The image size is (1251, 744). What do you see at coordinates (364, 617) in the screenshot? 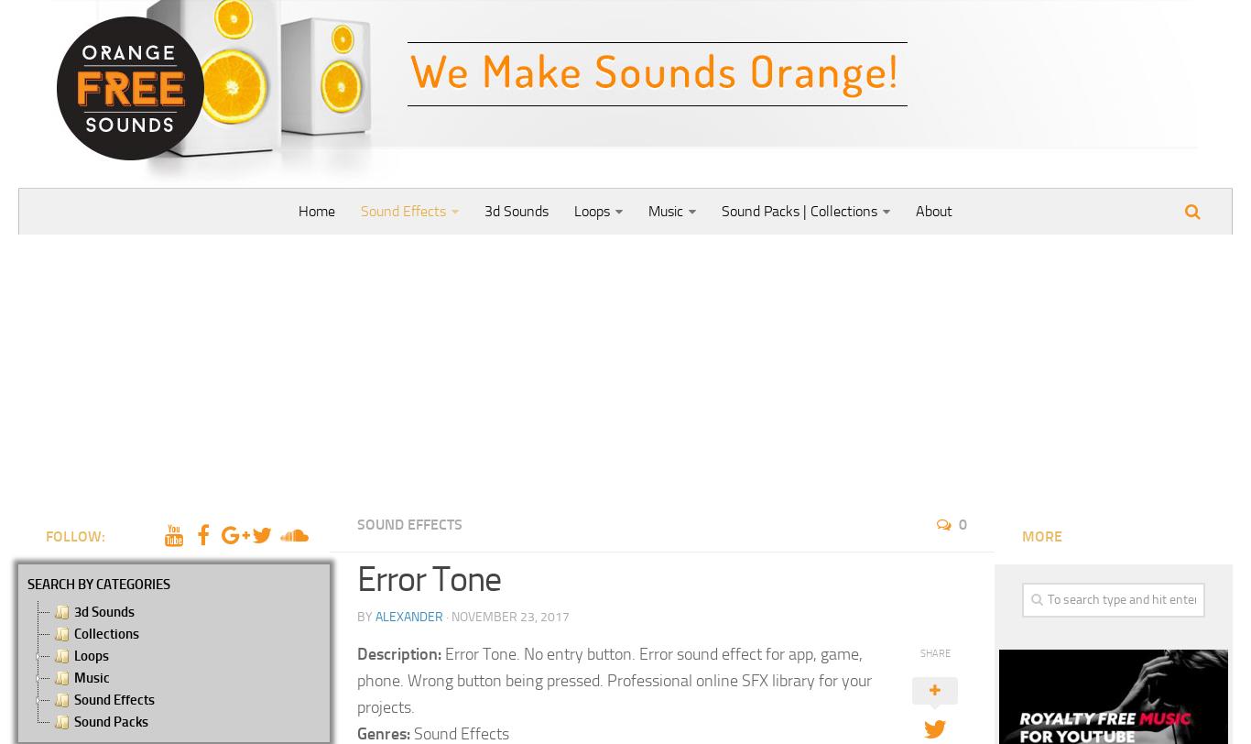
I see `'by'` at bounding box center [364, 617].